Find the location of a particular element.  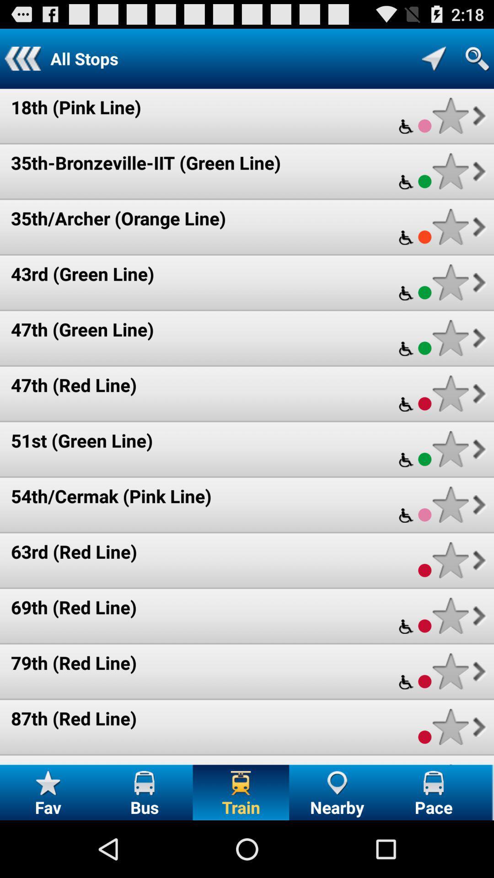

favorite button is located at coordinates (450, 560).